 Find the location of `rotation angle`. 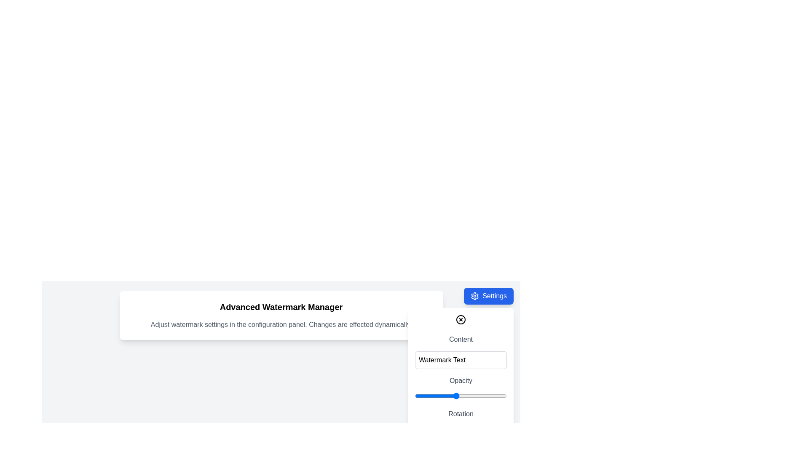

rotation angle is located at coordinates (419, 429).